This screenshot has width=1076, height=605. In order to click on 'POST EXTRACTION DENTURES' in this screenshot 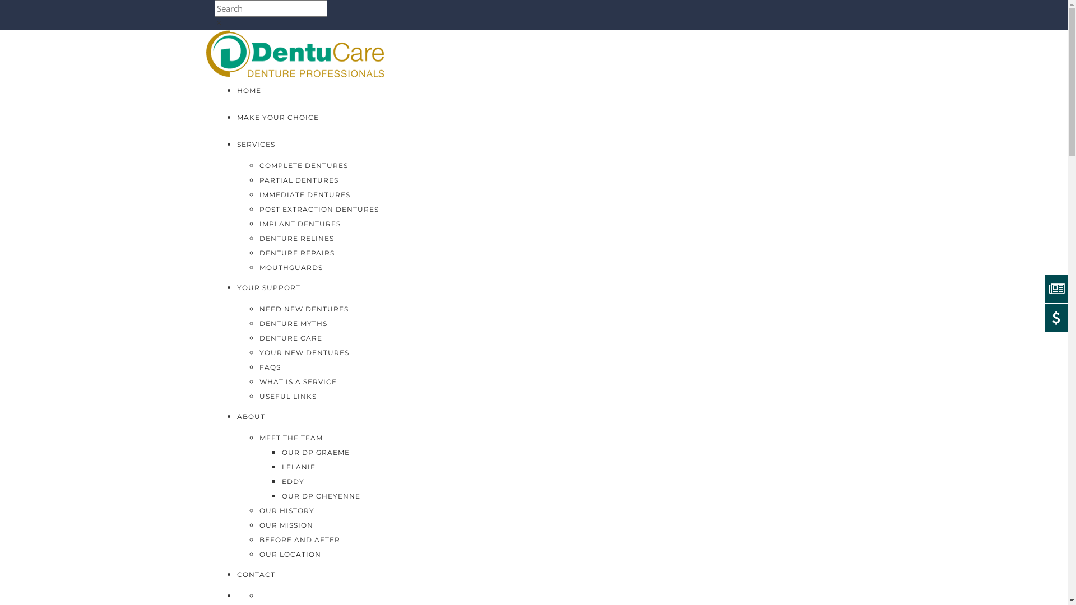, I will do `click(318, 209)`.